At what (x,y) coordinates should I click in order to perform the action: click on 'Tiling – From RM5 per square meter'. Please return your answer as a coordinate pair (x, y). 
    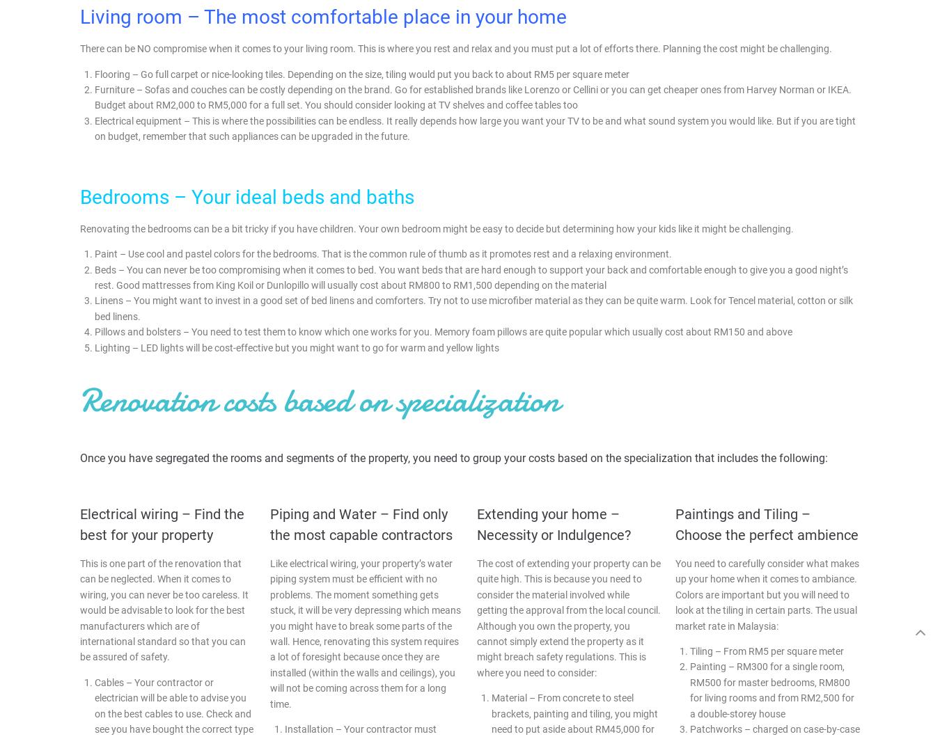
    Looking at the image, I should click on (766, 651).